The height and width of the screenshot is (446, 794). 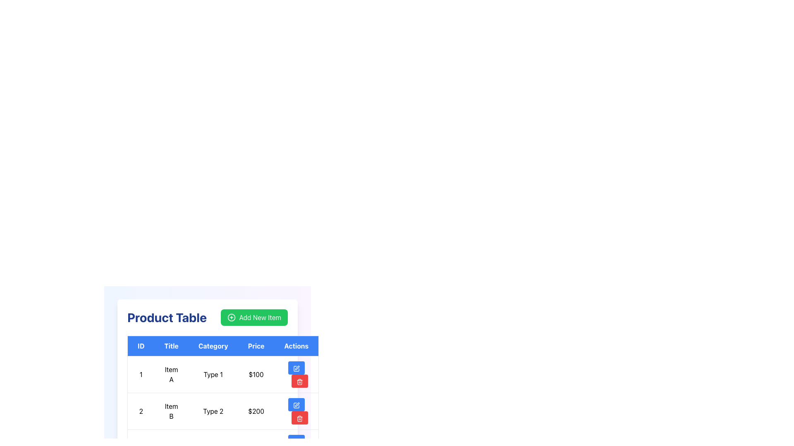 What do you see at coordinates (171, 411) in the screenshot?
I see `text displayed on the static label that is the second item in the second row of the 'Title' column in a tabular layout` at bounding box center [171, 411].